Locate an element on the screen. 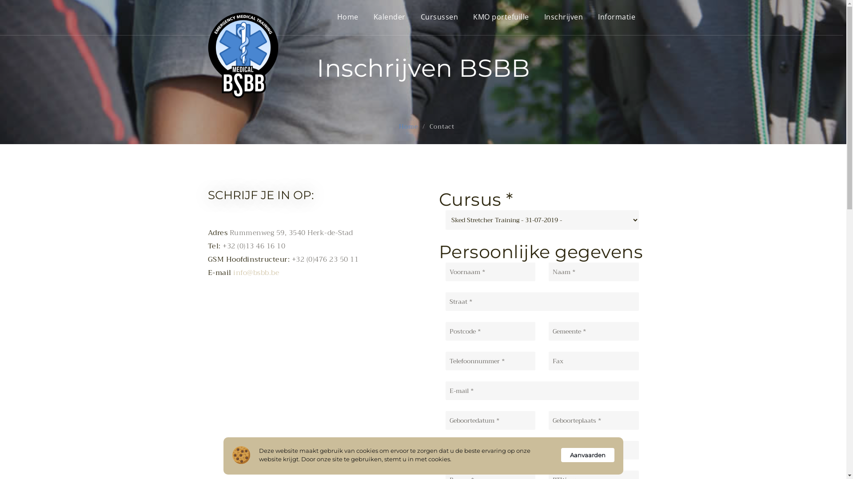 Image resolution: width=853 pixels, height=479 pixels. 'info@bsbb.be' is located at coordinates (233, 272).